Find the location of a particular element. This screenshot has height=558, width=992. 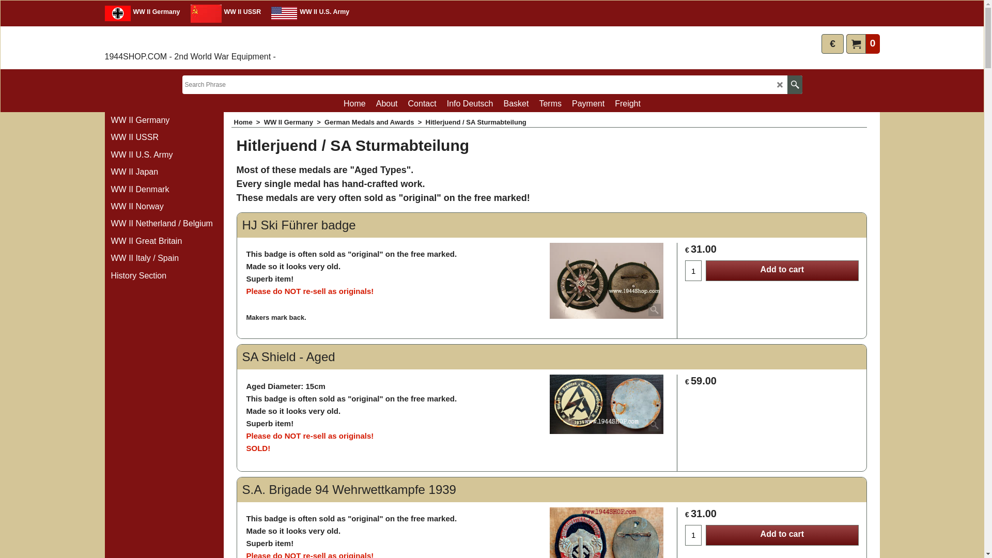

'1944SHOP.COM' is located at coordinates (153, 41).